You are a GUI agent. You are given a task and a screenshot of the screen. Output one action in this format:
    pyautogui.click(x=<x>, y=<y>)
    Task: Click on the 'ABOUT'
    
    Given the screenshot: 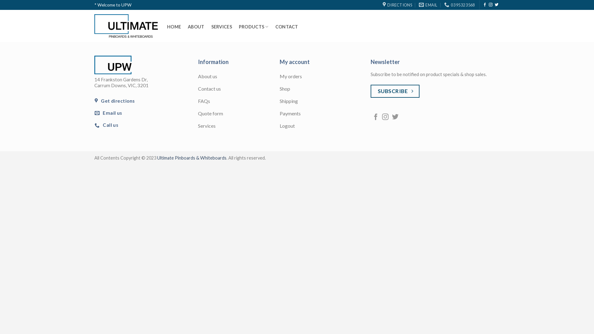 What is the action you would take?
    pyautogui.click(x=196, y=27)
    